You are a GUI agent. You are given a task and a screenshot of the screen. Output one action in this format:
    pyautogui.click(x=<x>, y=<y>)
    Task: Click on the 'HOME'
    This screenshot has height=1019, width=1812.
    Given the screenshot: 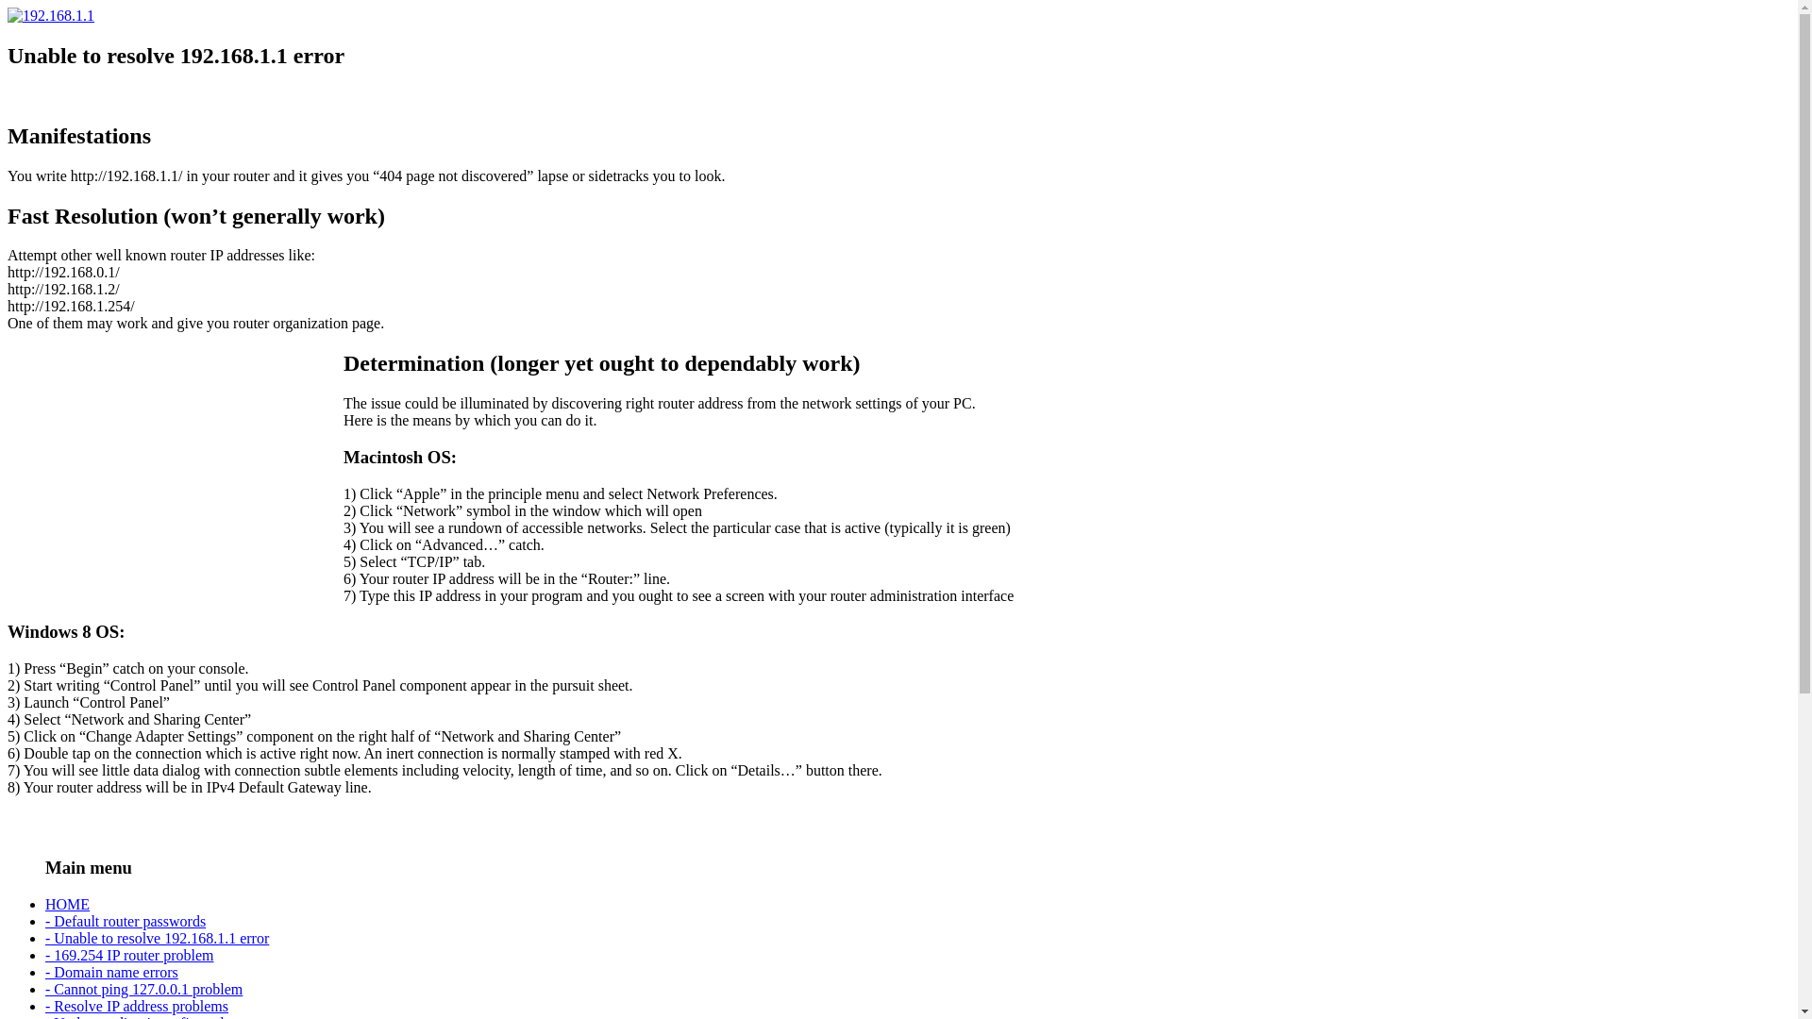 What is the action you would take?
    pyautogui.click(x=67, y=903)
    